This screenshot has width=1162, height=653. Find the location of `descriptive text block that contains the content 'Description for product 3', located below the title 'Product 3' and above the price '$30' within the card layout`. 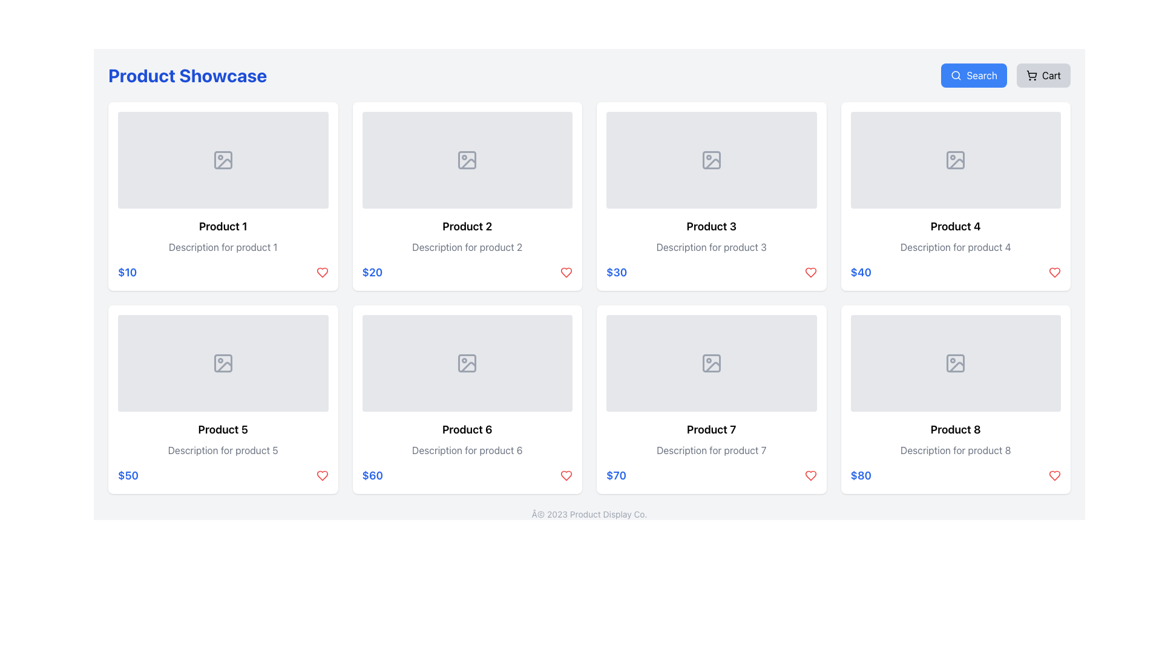

descriptive text block that contains the content 'Description for product 3', located below the title 'Product 3' and above the price '$30' within the card layout is located at coordinates (711, 246).